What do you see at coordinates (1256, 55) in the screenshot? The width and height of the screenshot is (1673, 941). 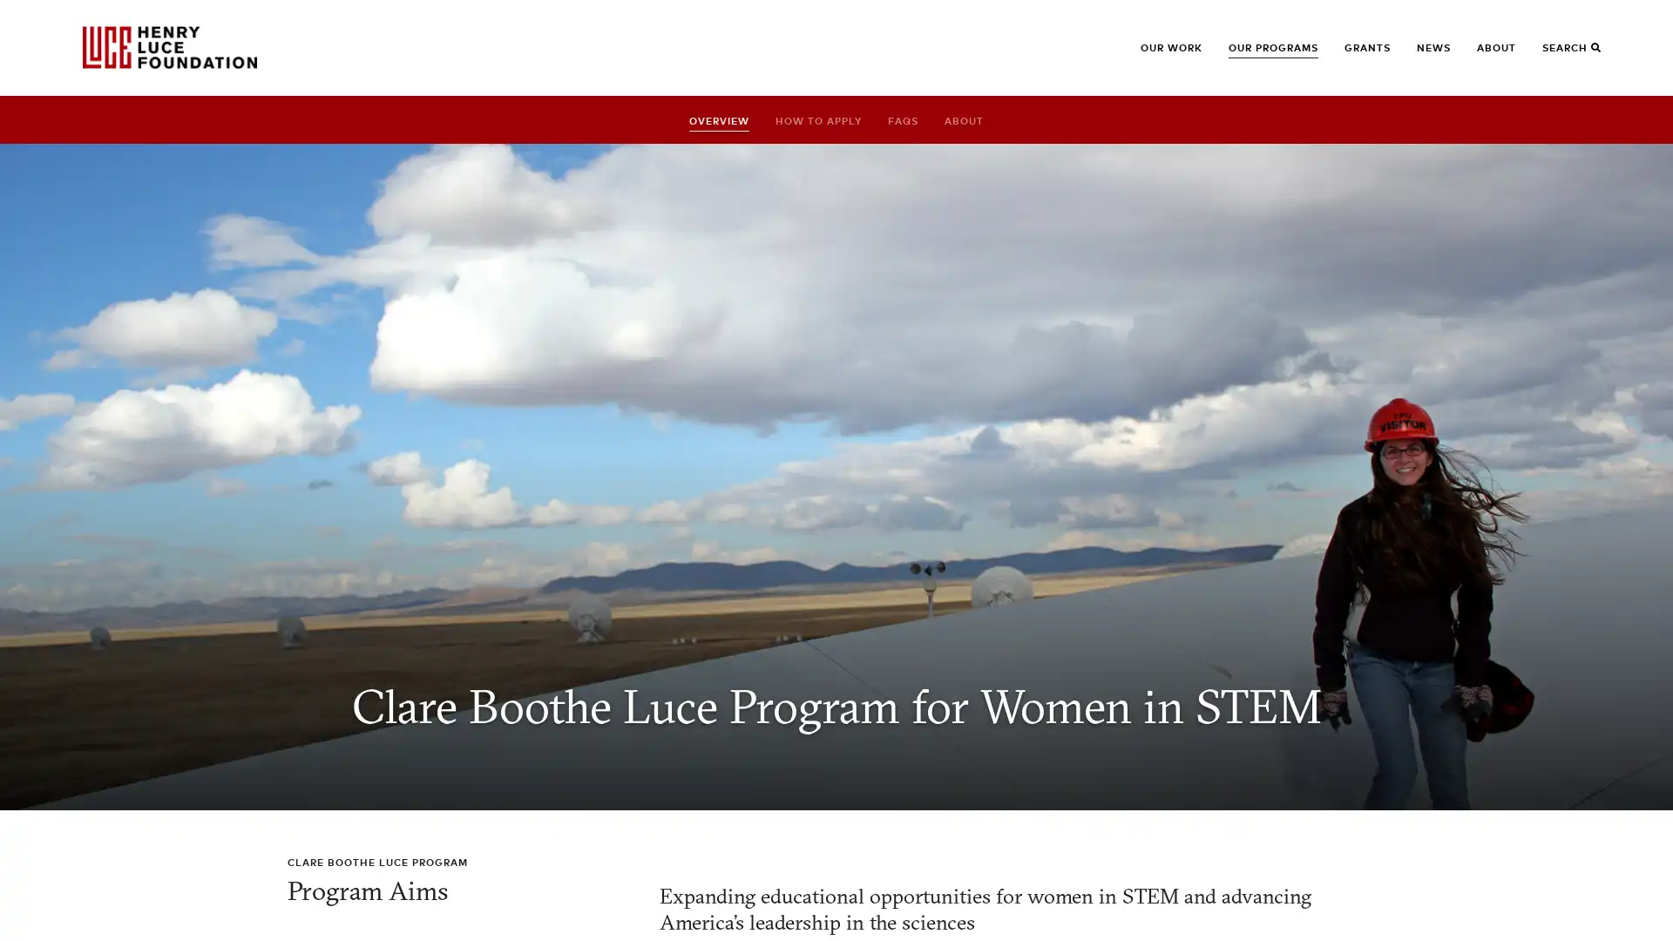 I see `SHOW SUBMENU FOR OUR PROGRAMS` at bounding box center [1256, 55].